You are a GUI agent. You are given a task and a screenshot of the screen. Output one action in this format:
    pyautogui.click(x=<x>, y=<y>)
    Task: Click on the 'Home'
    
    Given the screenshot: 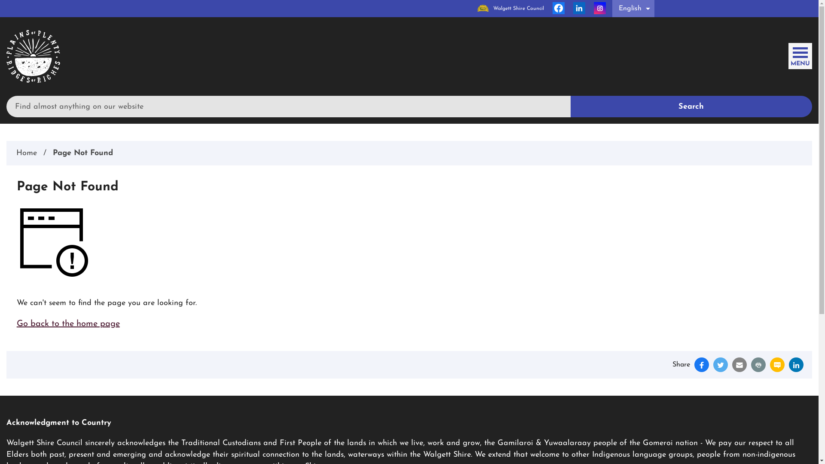 What is the action you would take?
    pyautogui.click(x=16, y=153)
    